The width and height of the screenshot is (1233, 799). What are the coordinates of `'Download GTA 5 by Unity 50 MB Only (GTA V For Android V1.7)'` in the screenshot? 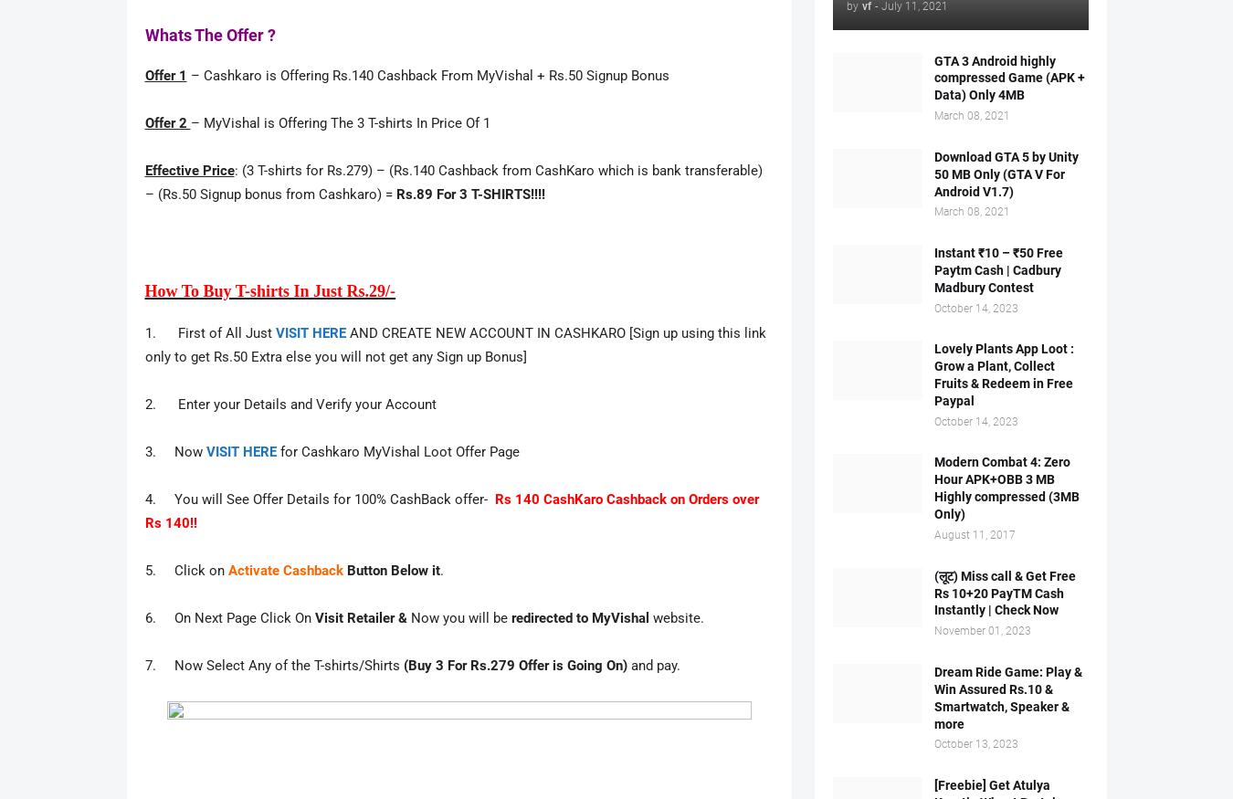 It's located at (1006, 173).